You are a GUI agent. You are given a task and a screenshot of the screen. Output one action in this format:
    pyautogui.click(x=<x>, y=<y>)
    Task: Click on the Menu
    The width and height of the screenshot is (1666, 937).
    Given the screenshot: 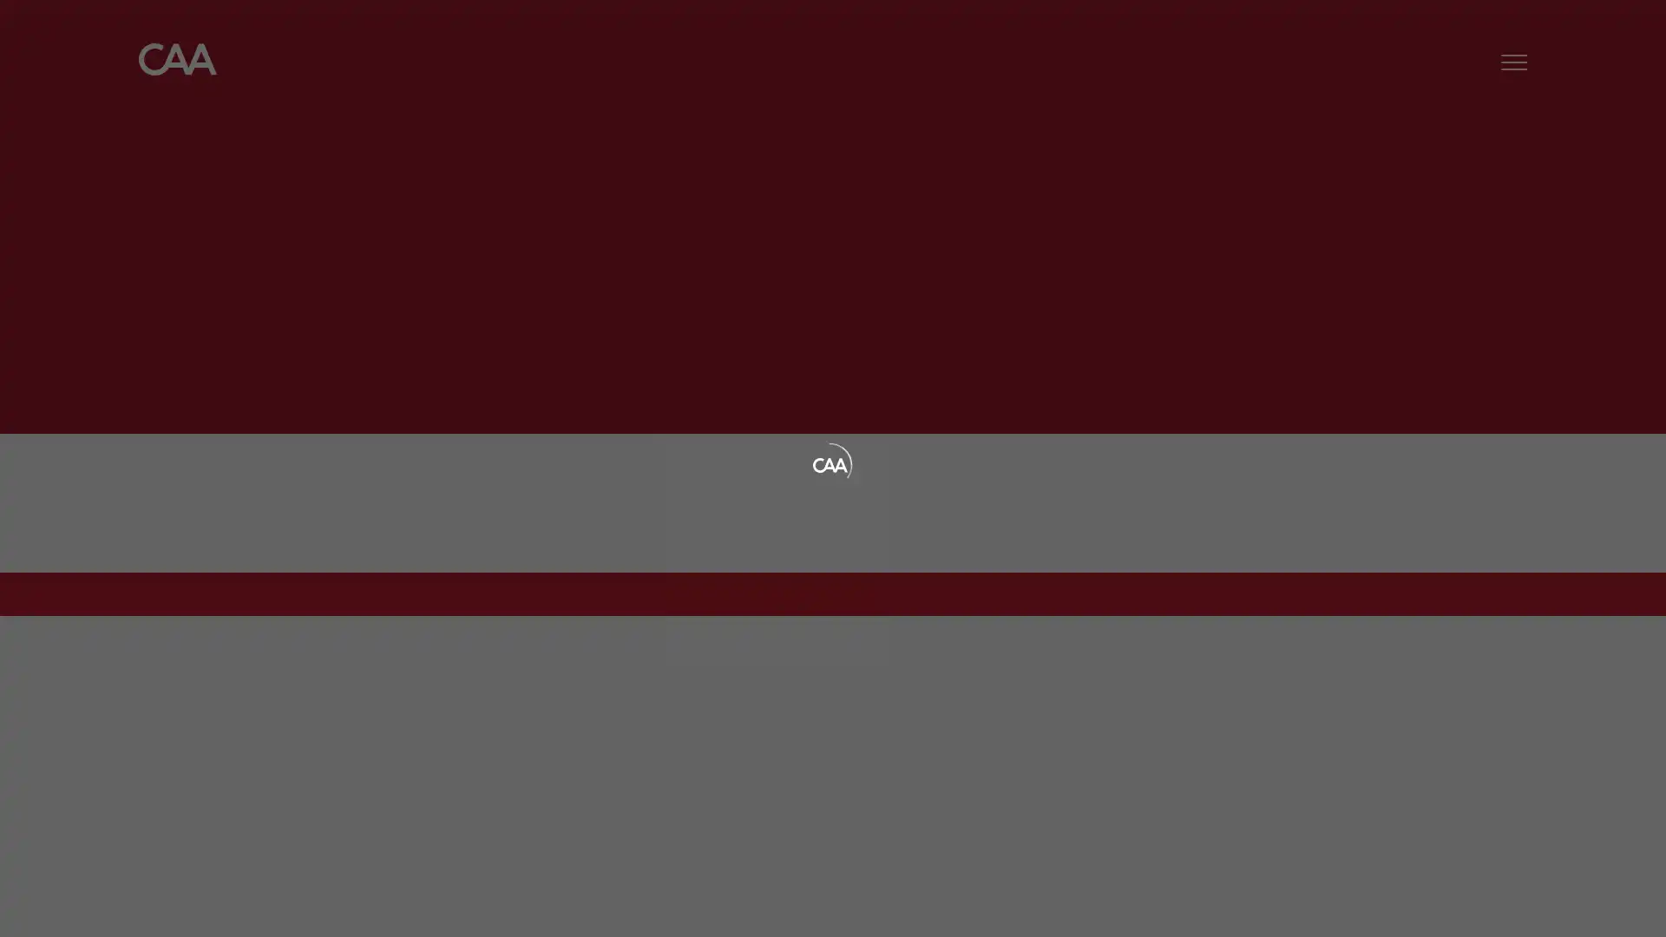 What is the action you would take?
    pyautogui.click(x=1513, y=64)
    